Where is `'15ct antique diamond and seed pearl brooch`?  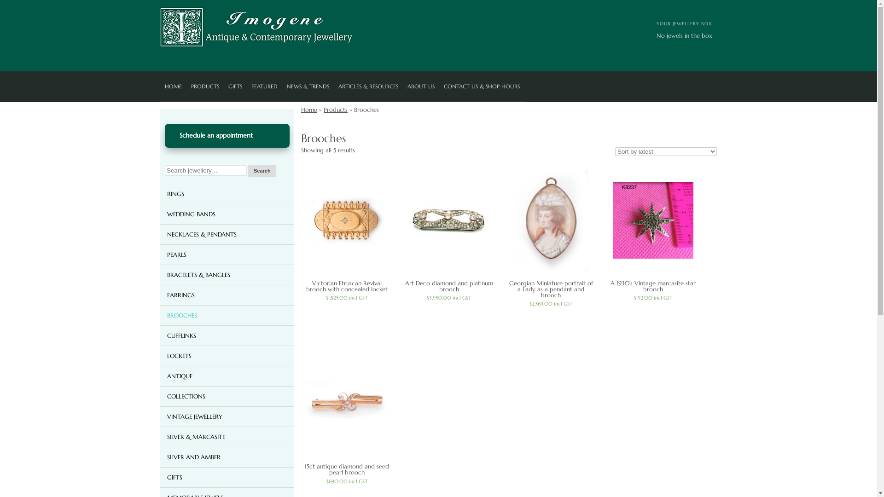
'15ct antique diamond and seed pearl brooch is located at coordinates (346, 419).